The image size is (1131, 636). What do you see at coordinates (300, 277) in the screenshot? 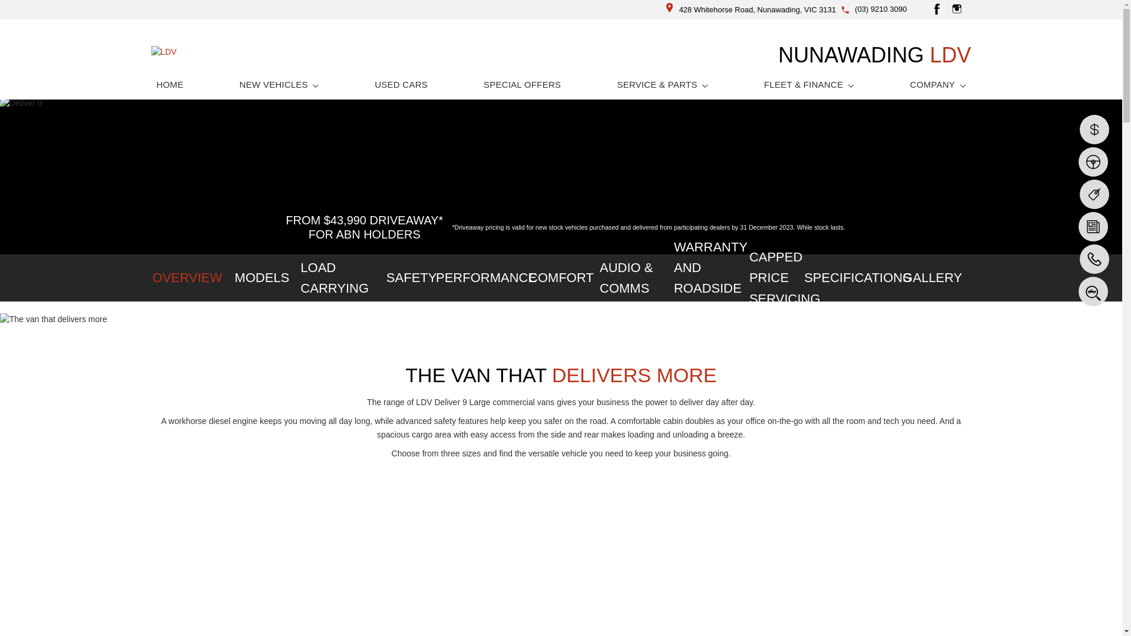
I see `'LOAD CARRYING'` at bounding box center [300, 277].